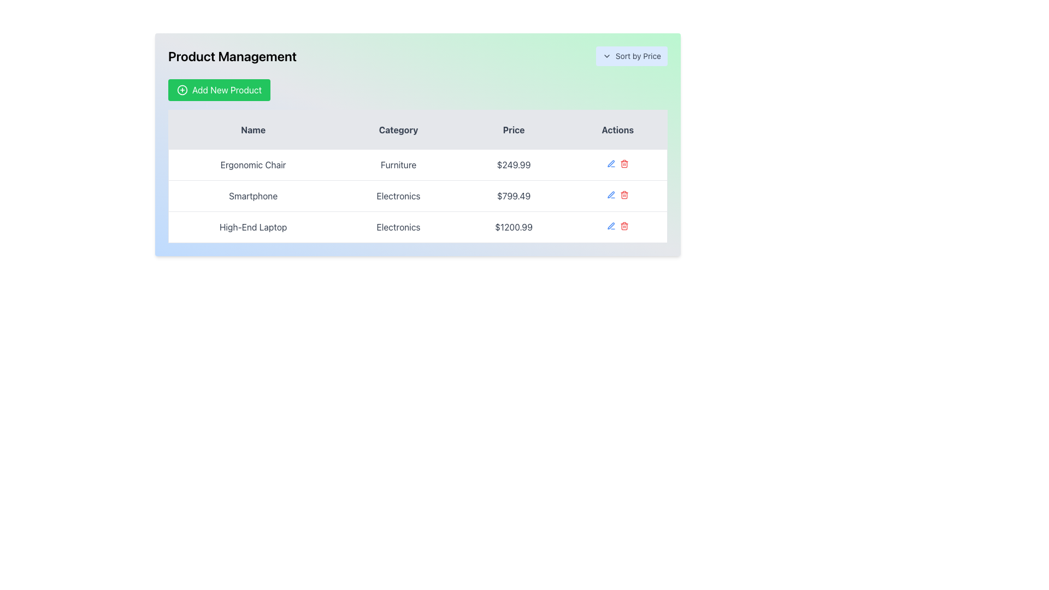 This screenshot has height=590, width=1049. I want to click on the centered-aligned text label displaying 'Electronics' in the second row of the data table under the 'Category' column, so click(398, 195).